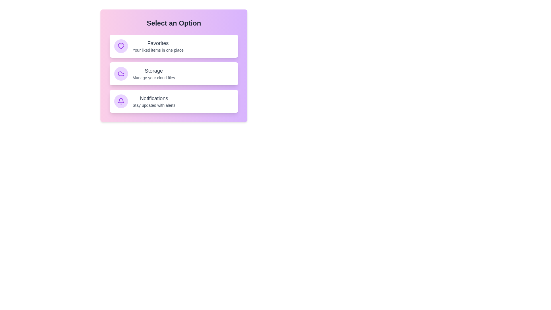  What do you see at coordinates (173, 46) in the screenshot?
I see `the item 'Favorites' to observe its hover effect` at bounding box center [173, 46].